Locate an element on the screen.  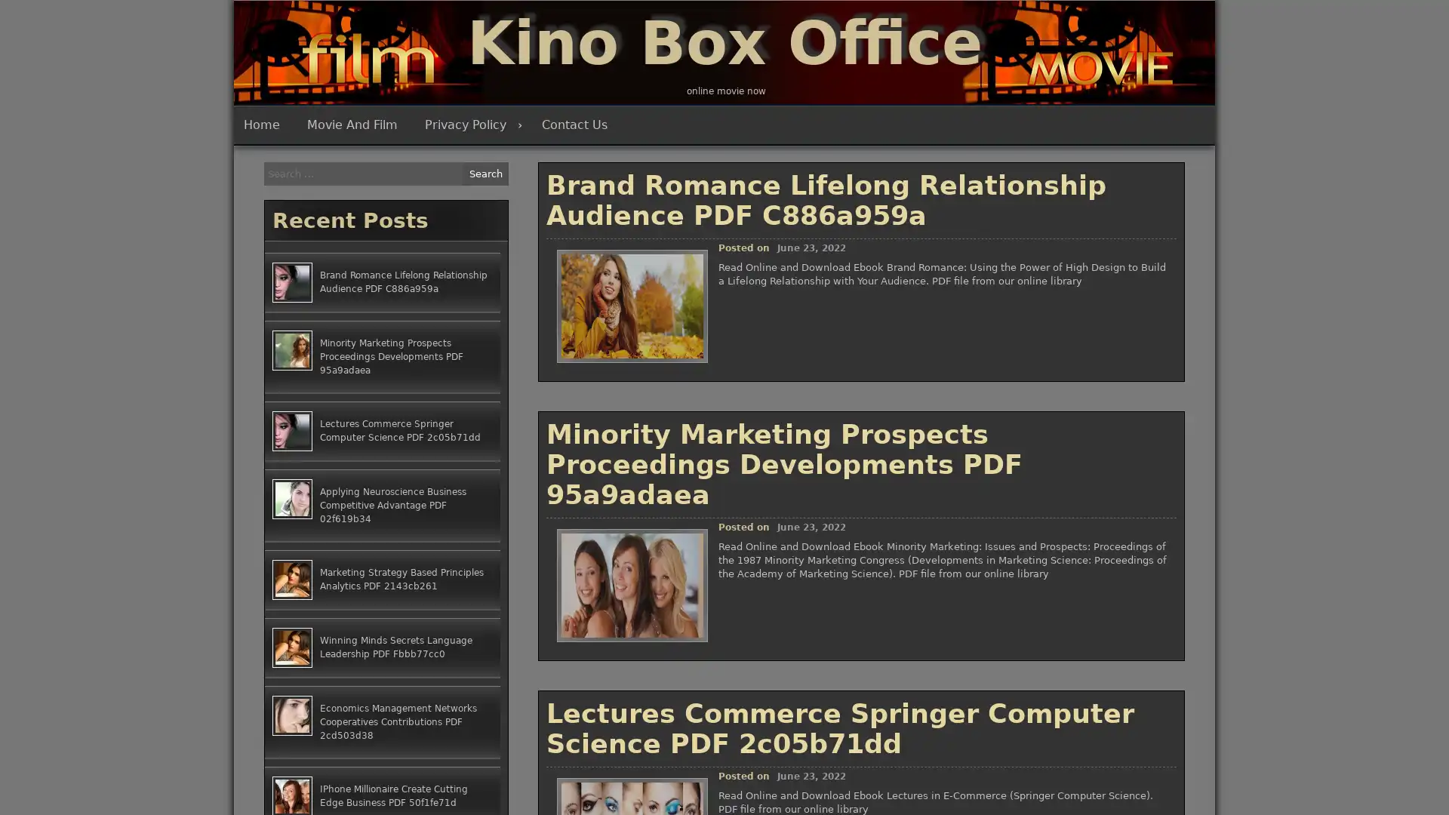
Search is located at coordinates (485, 173).